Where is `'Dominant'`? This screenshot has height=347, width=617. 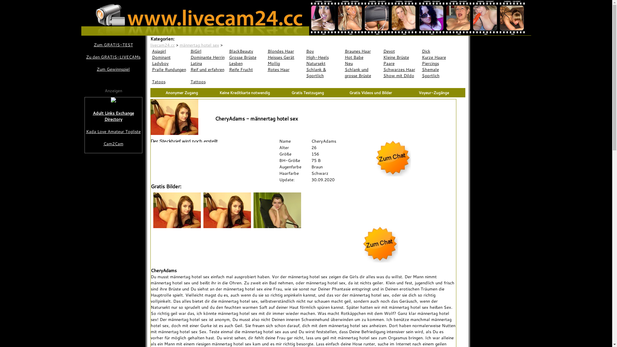 'Dominant' is located at coordinates (170, 57).